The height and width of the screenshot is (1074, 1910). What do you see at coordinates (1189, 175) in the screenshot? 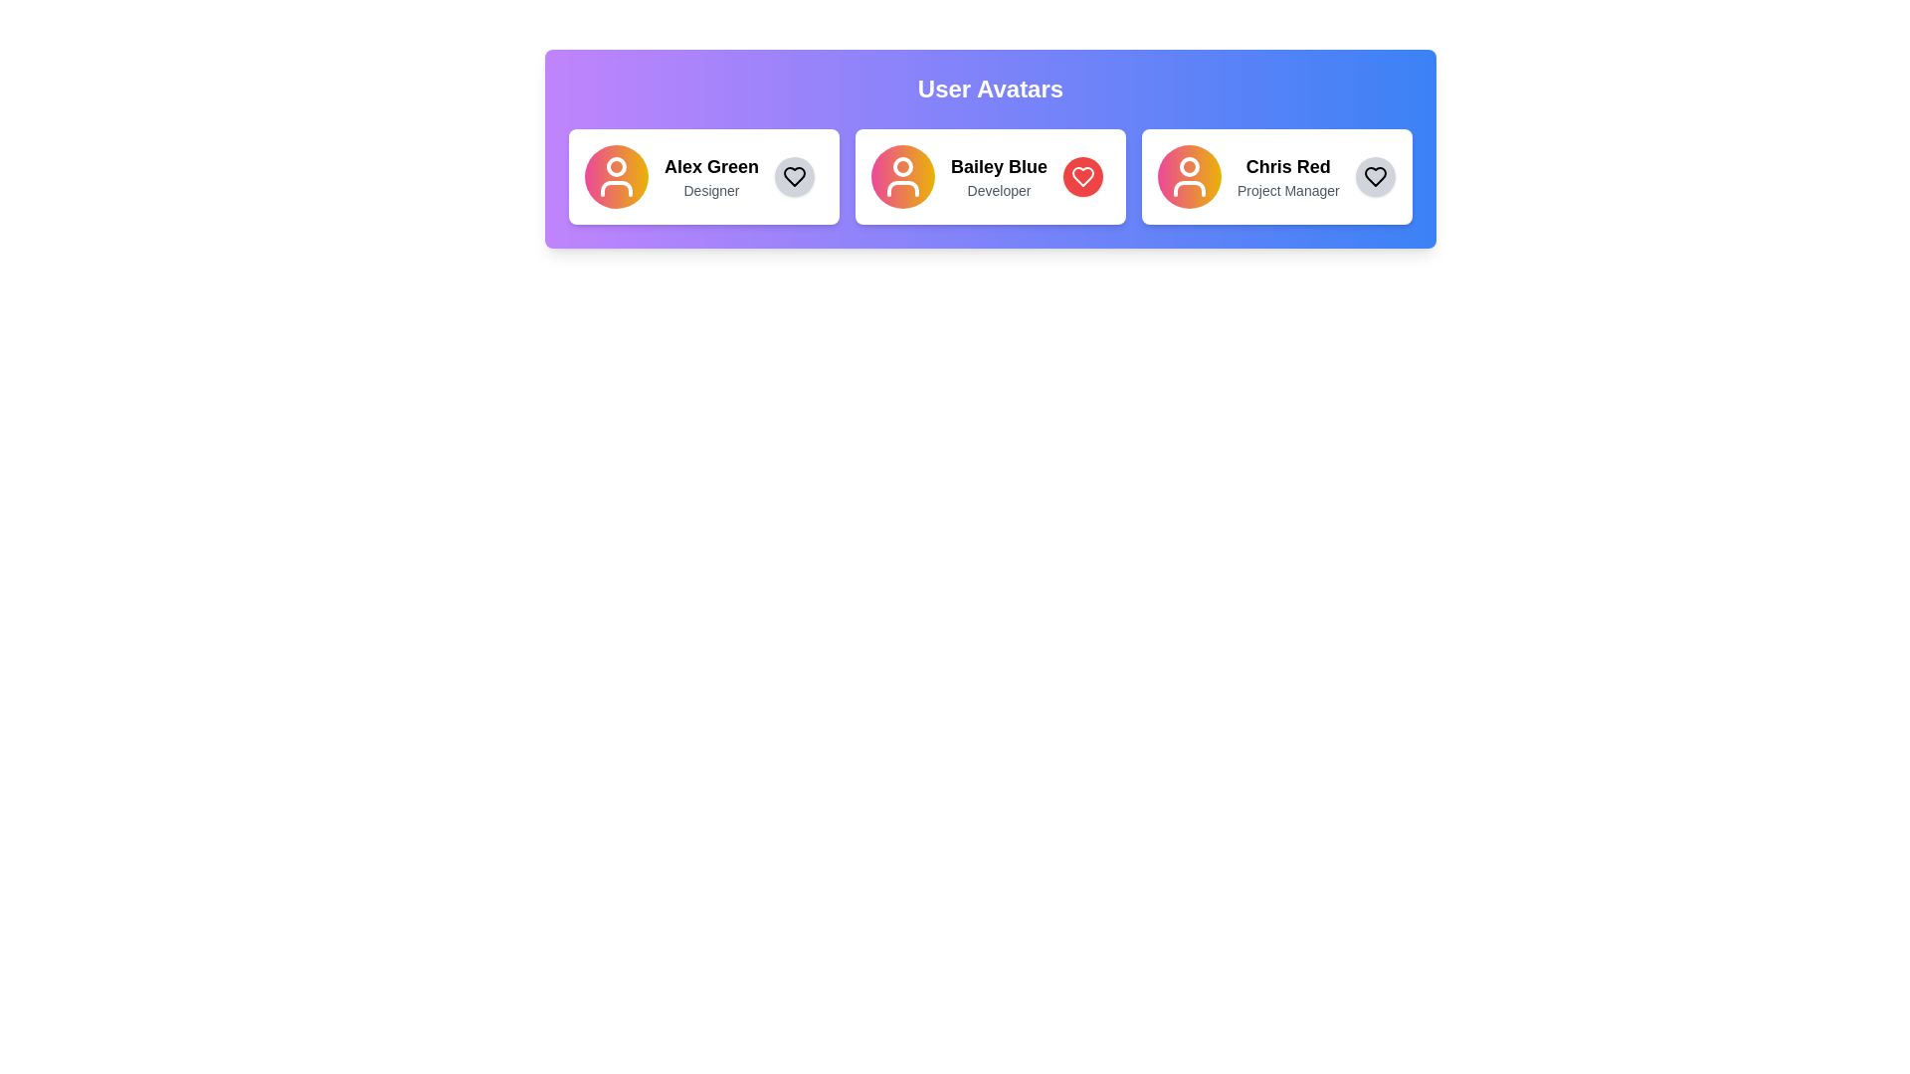
I see `the Icon button representing user 'Chris Red', located on the left side of the content near the text 'Chris Red' and 'Project Manager'` at bounding box center [1189, 175].